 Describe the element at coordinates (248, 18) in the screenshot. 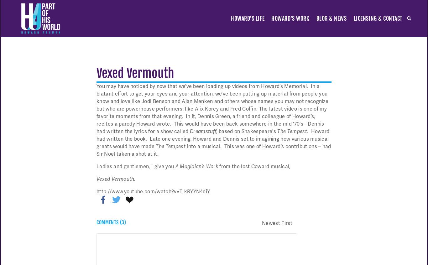

I see `'Howard's Life'` at that location.